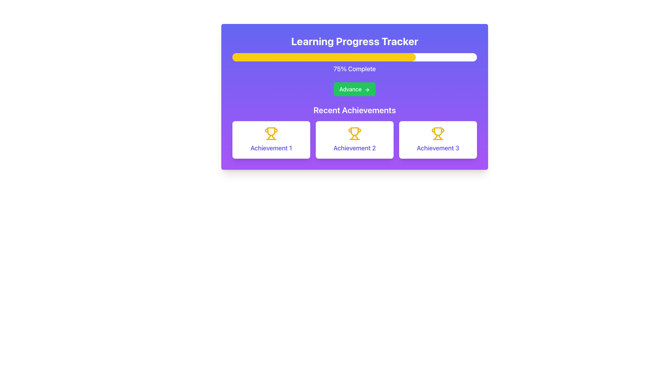 The image size is (667, 375). What do you see at coordinates (355, 131) in the screenshot?
I see `the vibrant yellow trophy icon located in the middle card of the 'Recent Achievements' section, beneath the 'Achievement 2' text` at bounding box center [355, 131].